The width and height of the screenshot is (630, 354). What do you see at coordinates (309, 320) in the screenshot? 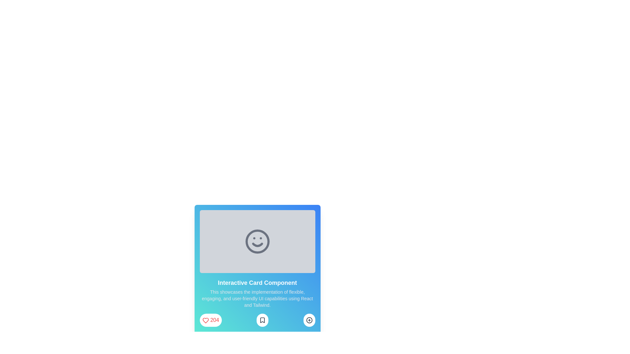
I see `the circular button with a white background, dark gray border, and '+' icon located at the rightmost side of the row of three interactive buttons at the bottom of the card` at bounding box center [309, 320].